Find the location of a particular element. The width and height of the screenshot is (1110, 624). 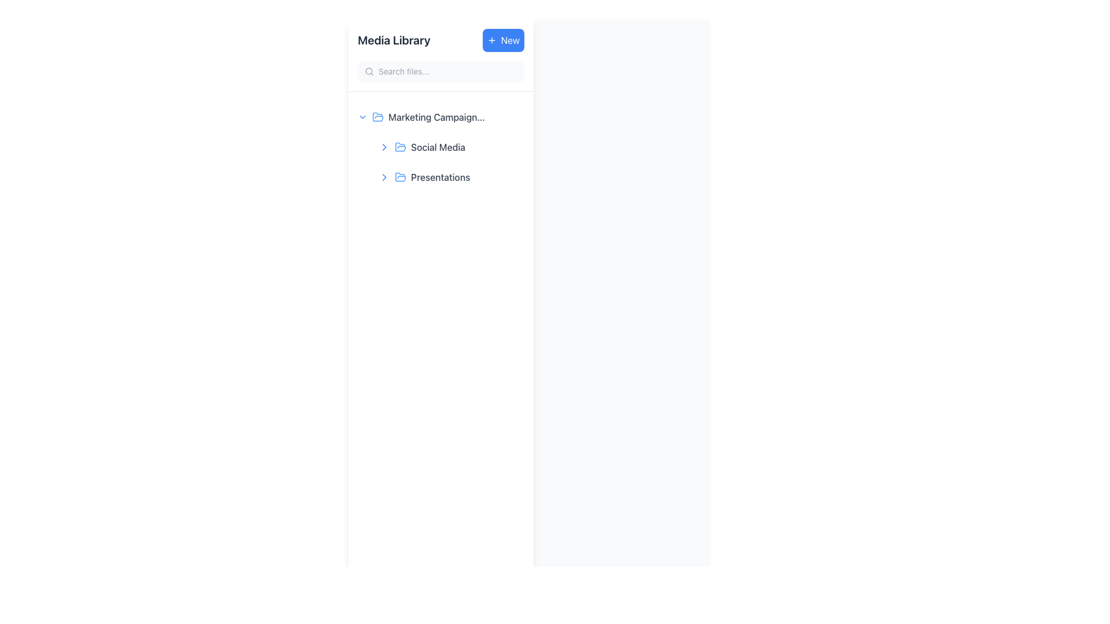

the Dropdown indicator (chevron icon) is located at coordinates (384, 177).